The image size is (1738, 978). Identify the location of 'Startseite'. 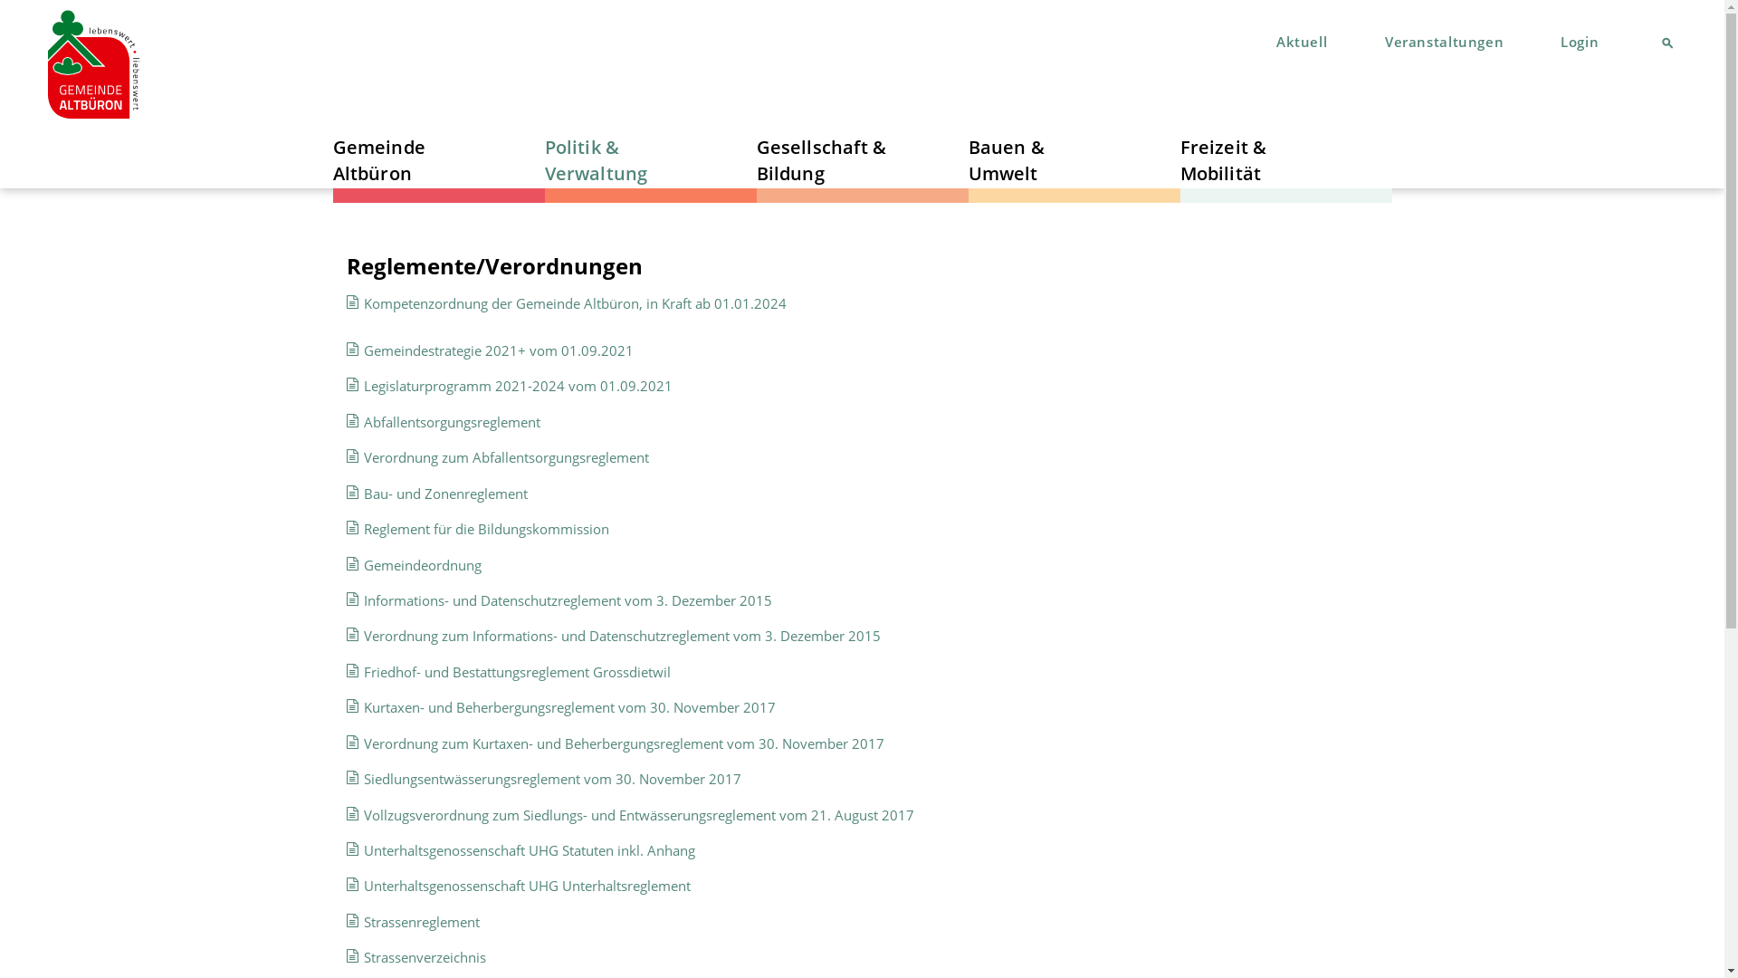
(92, 64).